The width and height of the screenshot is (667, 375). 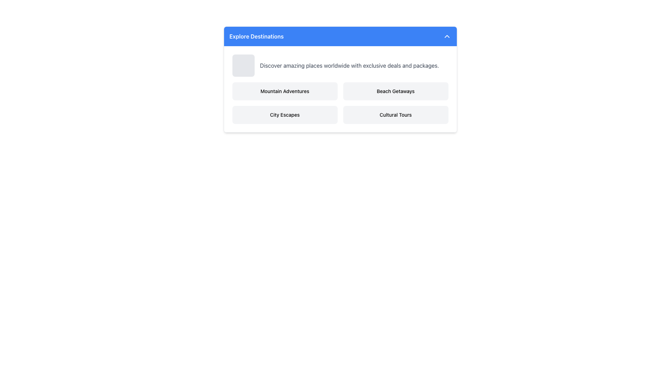 What do you see at coordinates (256, 36) in the screenshot?
I see `text content of the Text Label that displays 'Explore Destinations' in bold white font on a blue background, located in the horizontal header menu bar` at bounding box center [256, 36].